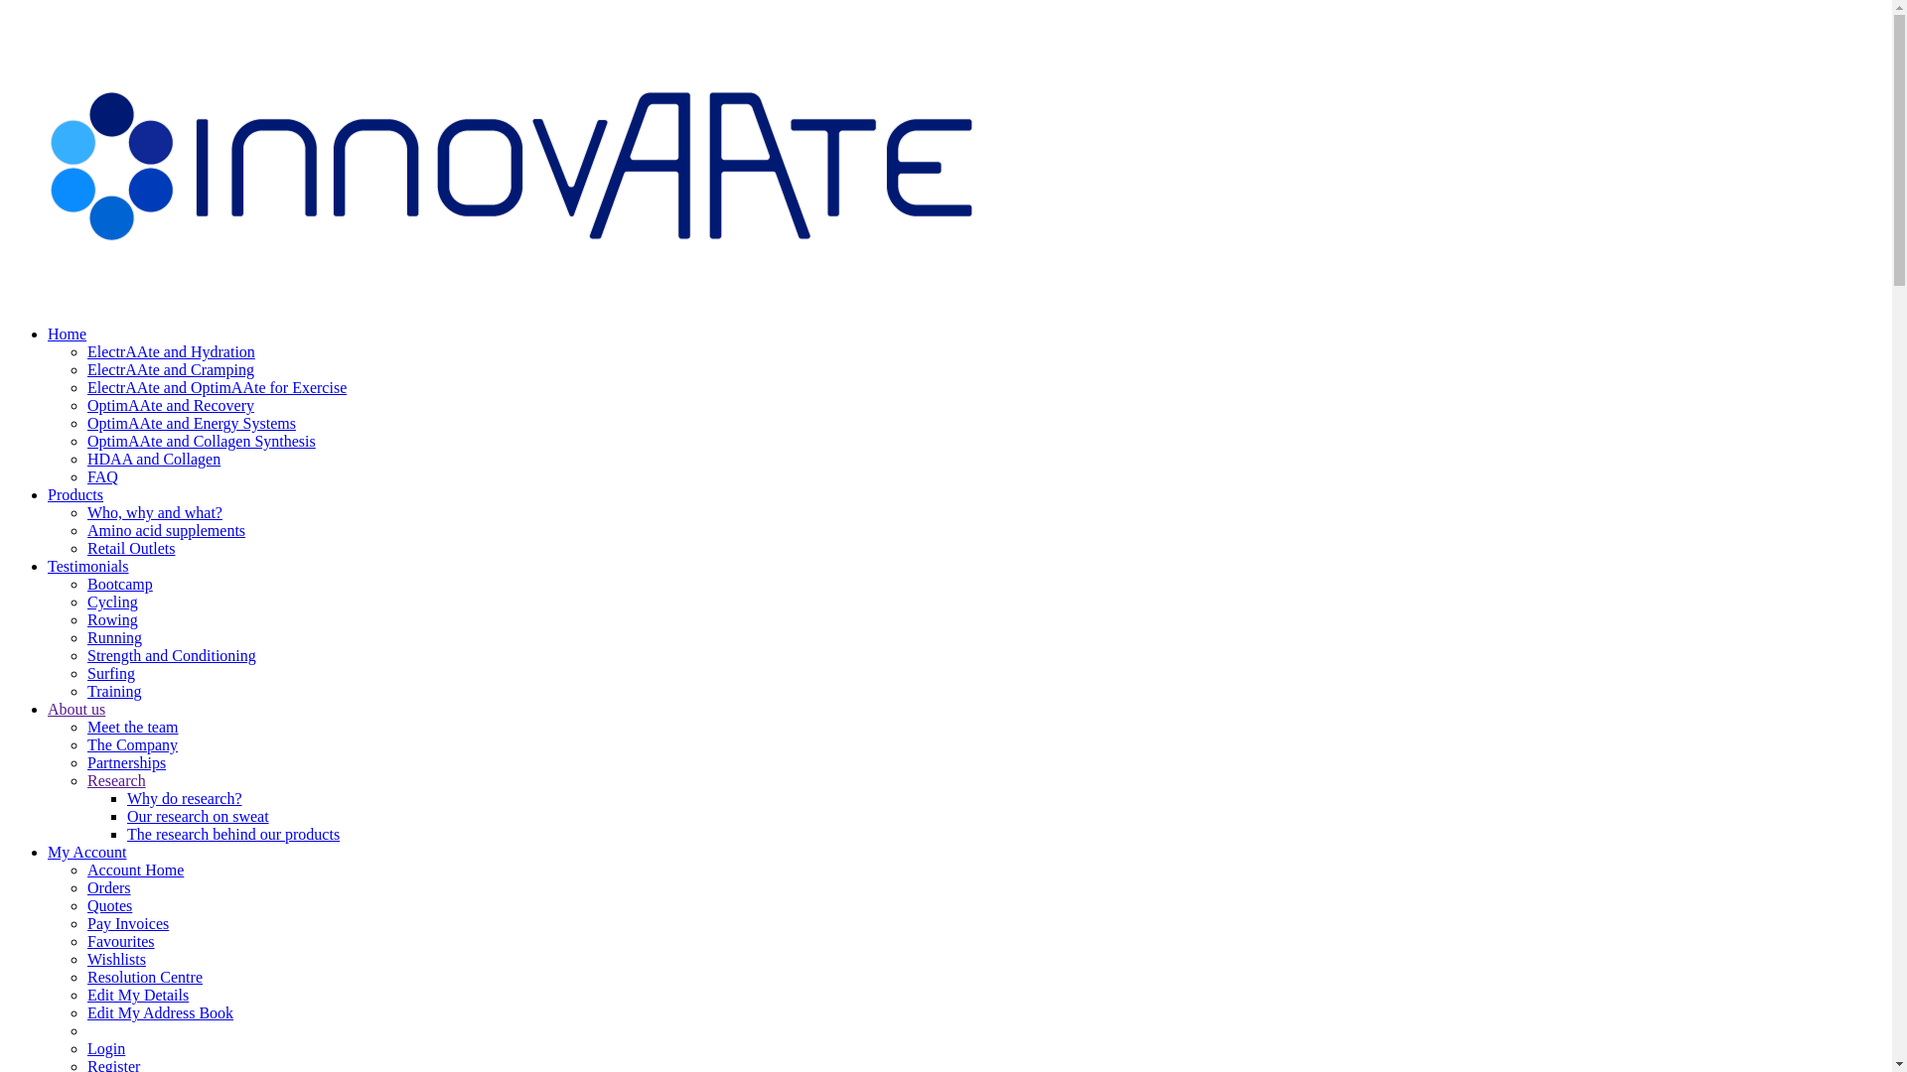 This screenshot has width=1907, height=1072. What do you see at coordinates (85, 851) in the screenshot?
I see `'My Account'` at bounding box center [85, 851].